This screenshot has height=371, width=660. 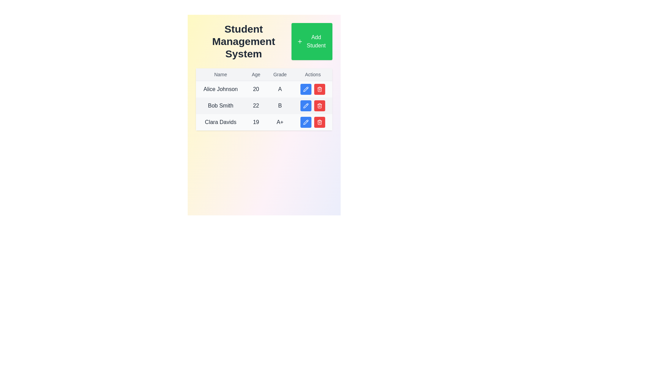 I want to click on the edit button located in the 'Actions' column of the last row of the table, adjacent to the 'Clara Davids' data row, so click(x=306, y=122).